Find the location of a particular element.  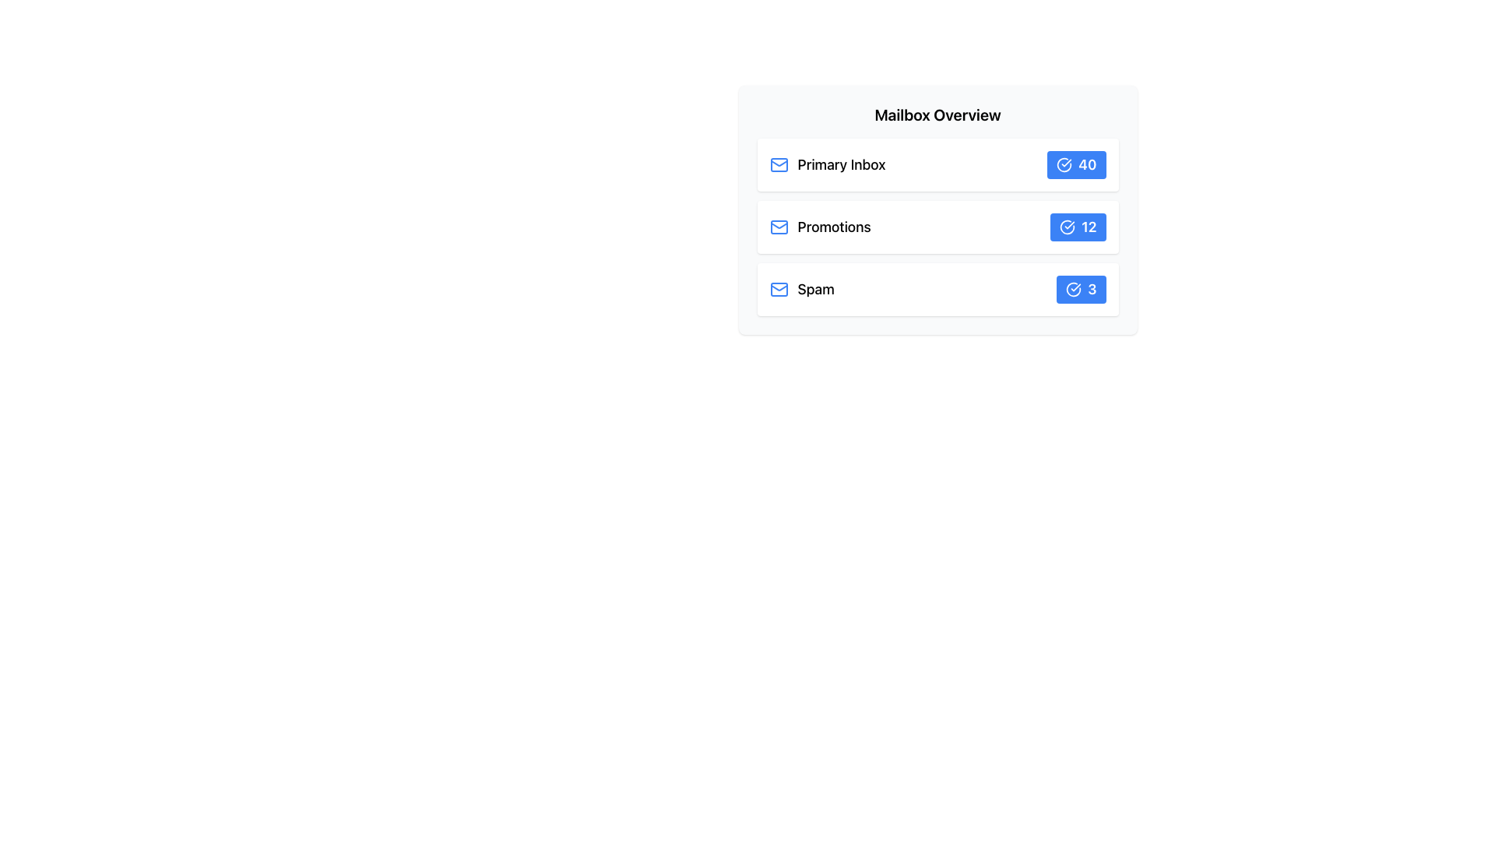

the mailbox icon representing the 'Promotions' category in the 'Mailbox Overview' section is located at coordinates (779, 227).